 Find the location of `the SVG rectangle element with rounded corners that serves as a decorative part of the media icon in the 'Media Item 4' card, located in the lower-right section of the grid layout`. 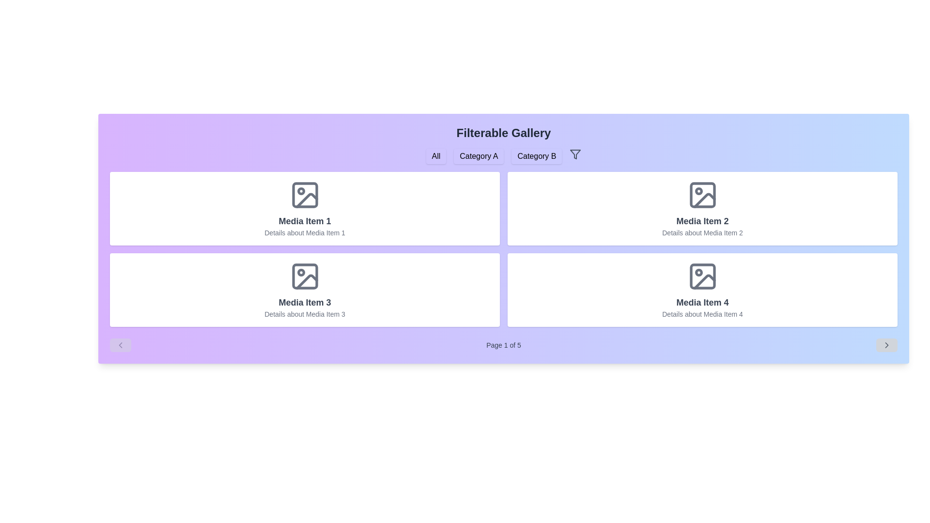

the SVG rectangle element with rounded corners that serves as a decorative part of the media icon in the 'Media Item 4' card, located in the lower-right section of the grid layout is located at coordinates (702, 276).